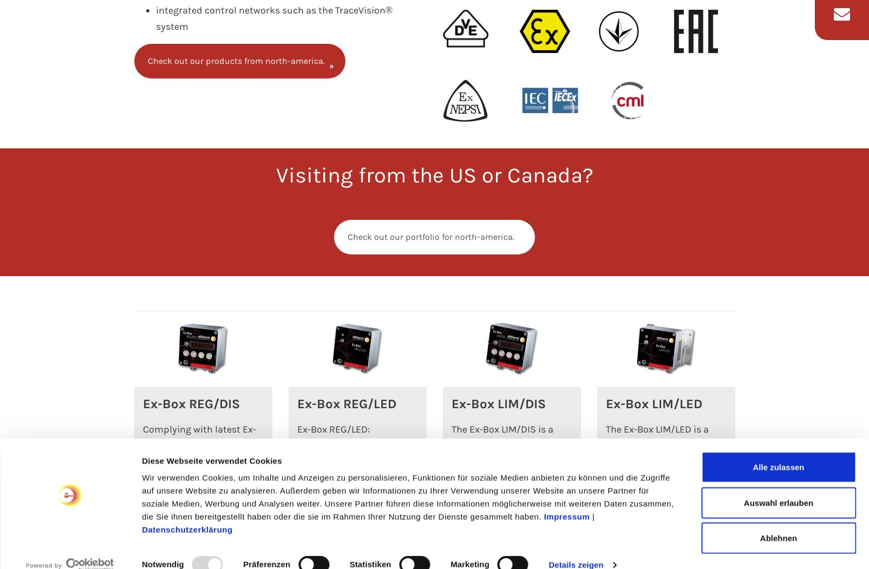 The image size is (869, 569). I want to click on 'The Ex-Box LIM/DIS is a limiter for switching off heating circuits in case of excess temperature or current overload.…', so click(507, 462).